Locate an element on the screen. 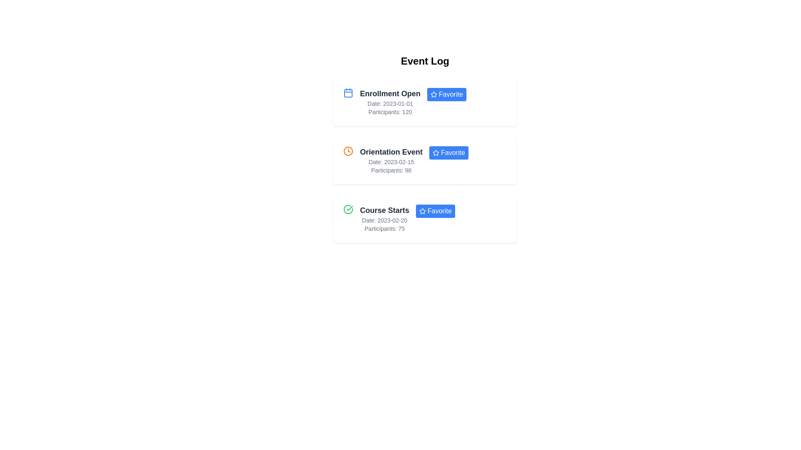  the hollow circle with an orange stroke that is part of the SVG element next to the 'Orientation Event' label in the second event item is located at coordinates (348, 151).